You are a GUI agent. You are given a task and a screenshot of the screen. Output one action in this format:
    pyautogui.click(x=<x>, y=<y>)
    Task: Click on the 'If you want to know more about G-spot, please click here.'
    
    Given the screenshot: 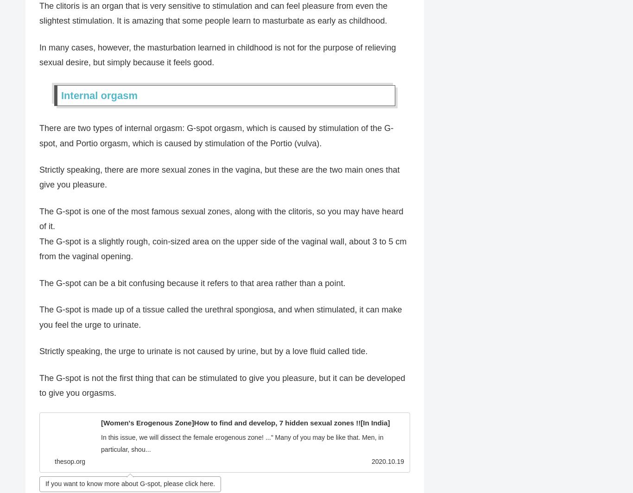 What is the action you would take?
    pyautogui.click(x=130, y=484)
    